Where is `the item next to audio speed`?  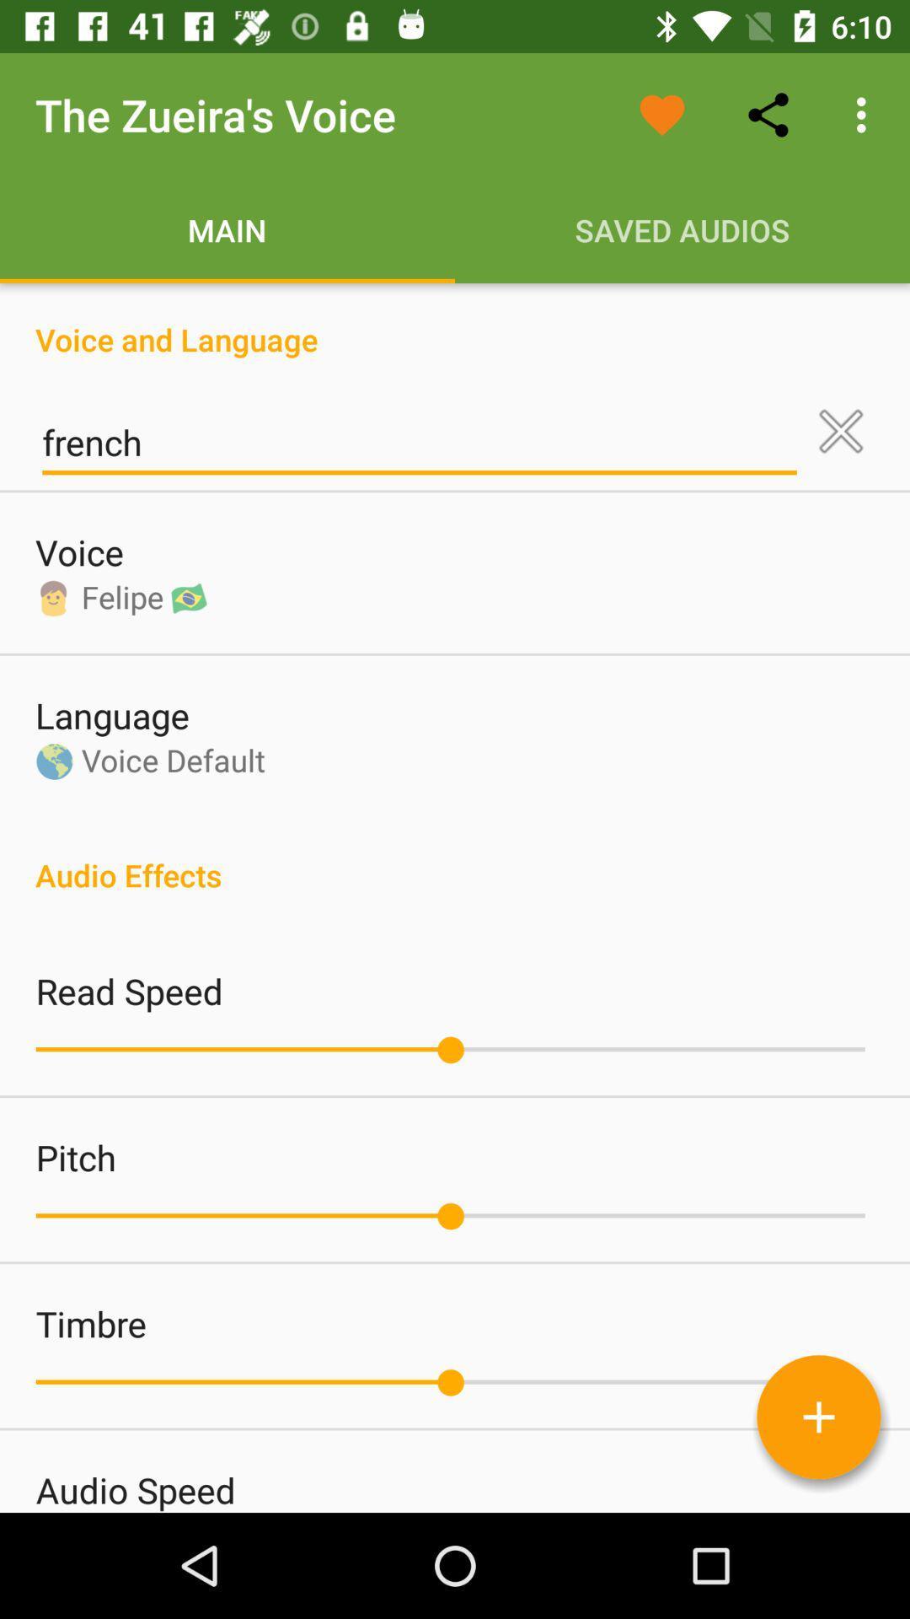
the item next to audio speed is located at coordinates (818, 1417).